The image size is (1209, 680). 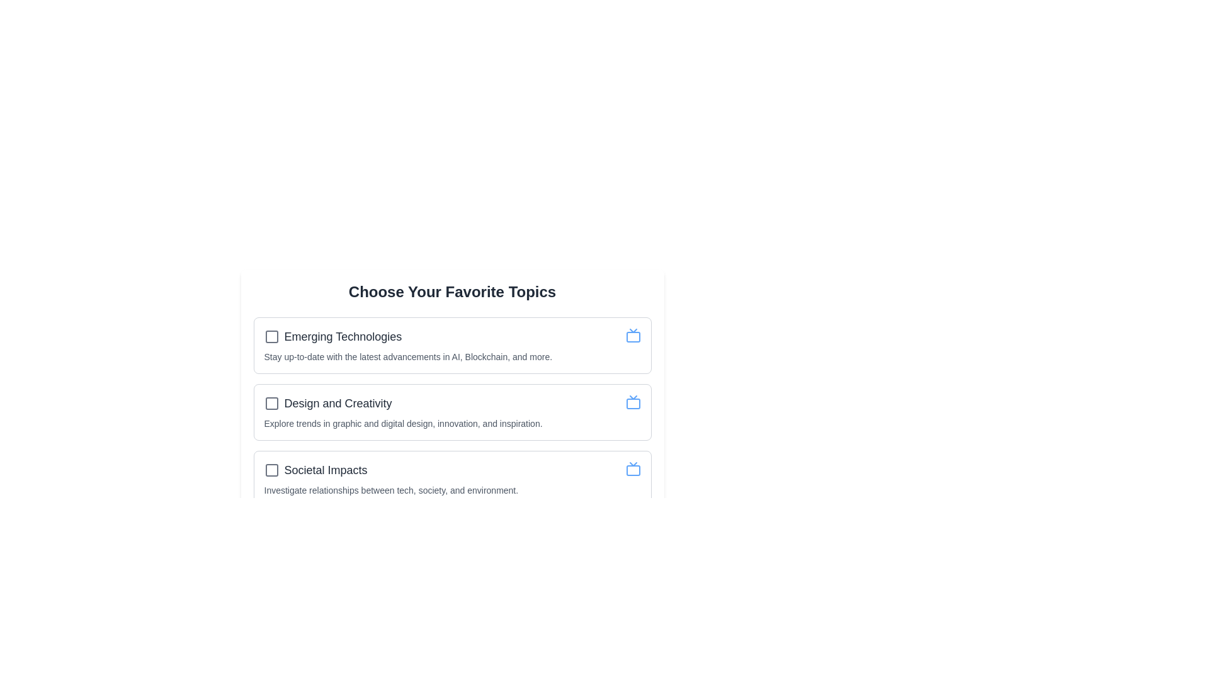 I want to click on the second selectable content module in the vertical list of topics, so click(x=452, y=412).